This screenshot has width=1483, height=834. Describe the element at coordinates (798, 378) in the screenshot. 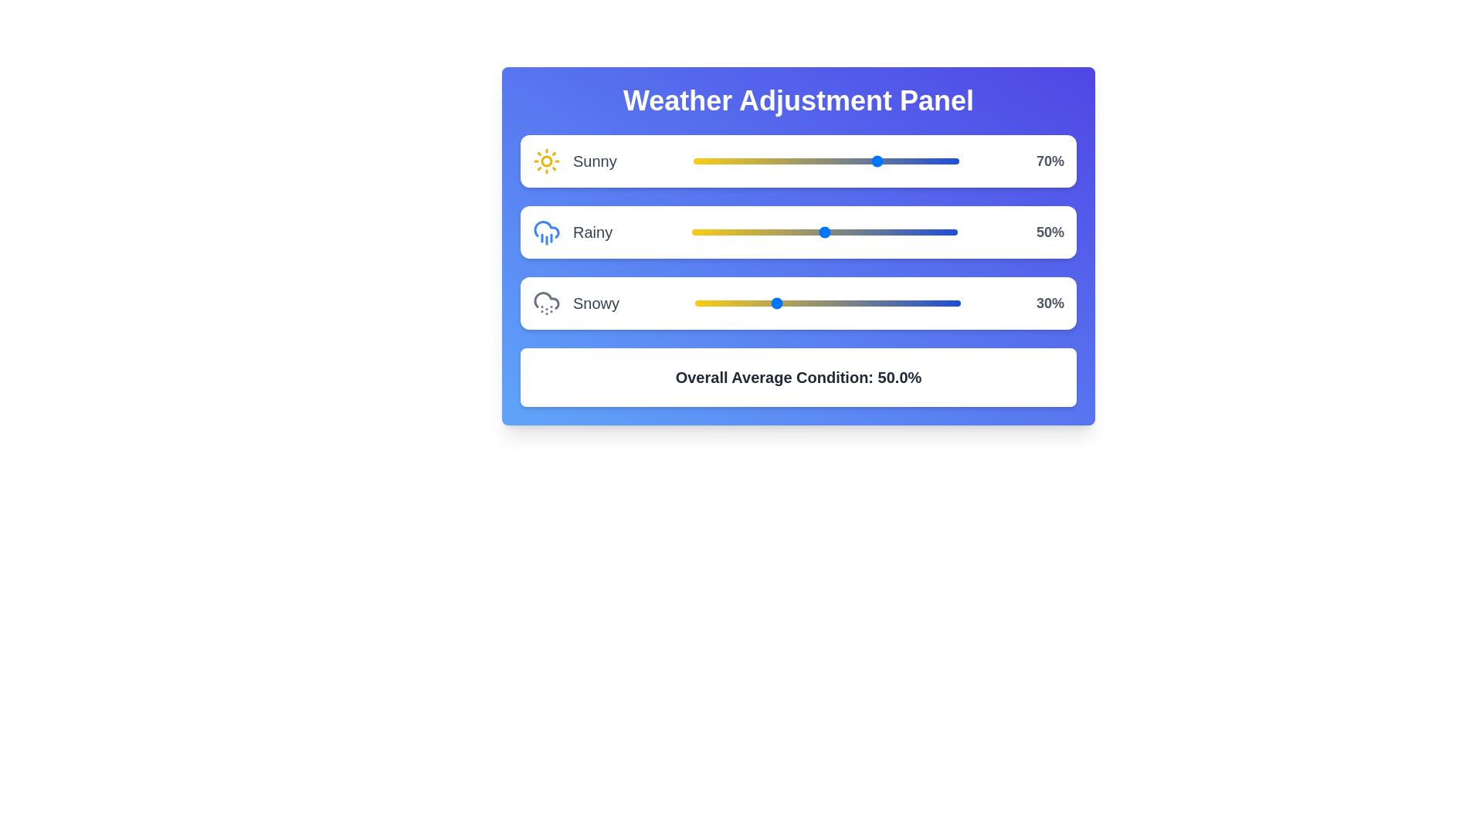

I see `the static text display showing 'Overall Average Condition: 50.0%', which is located in the bottom center of the interface below the weather condition sliders` at that location.